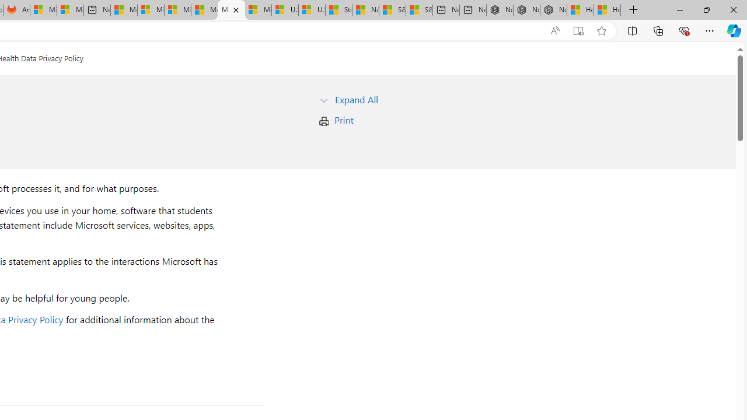 This screenshot has width=747, height=420. I want to click on 'Close', so click(732, 9).